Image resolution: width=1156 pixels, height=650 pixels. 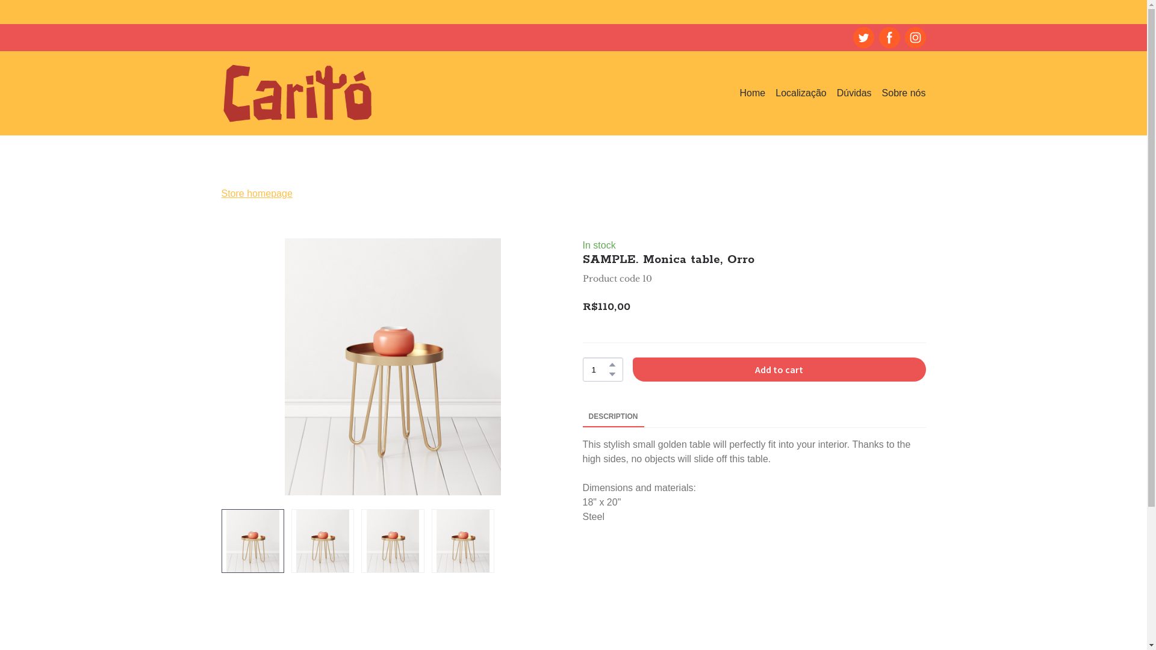 What do you see at coordinates (752, 92) in the screenshot?
I see `'Home'` at bounding box center [752, 92].